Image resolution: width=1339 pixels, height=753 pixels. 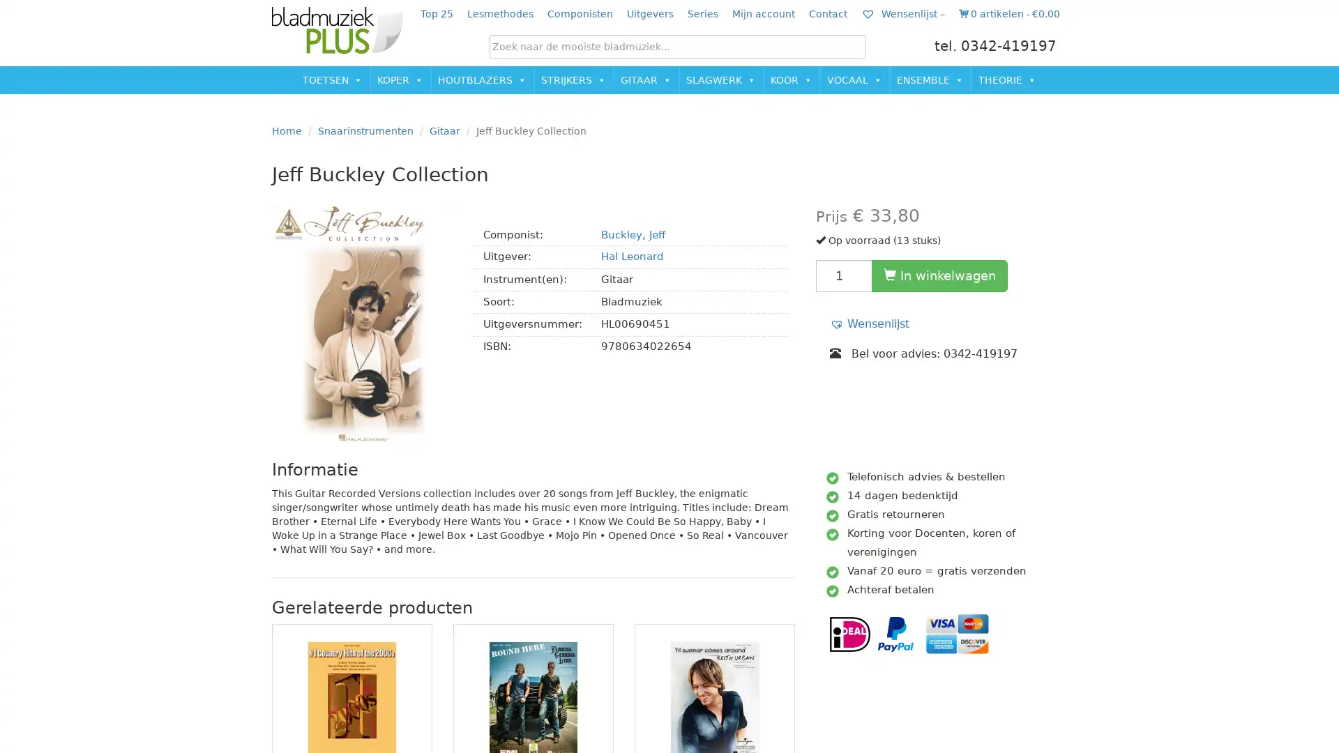 What do you see at coordinates (869, 324) in the screenshot?
I see `Wensenlijst` at bounding box center [869, 324].